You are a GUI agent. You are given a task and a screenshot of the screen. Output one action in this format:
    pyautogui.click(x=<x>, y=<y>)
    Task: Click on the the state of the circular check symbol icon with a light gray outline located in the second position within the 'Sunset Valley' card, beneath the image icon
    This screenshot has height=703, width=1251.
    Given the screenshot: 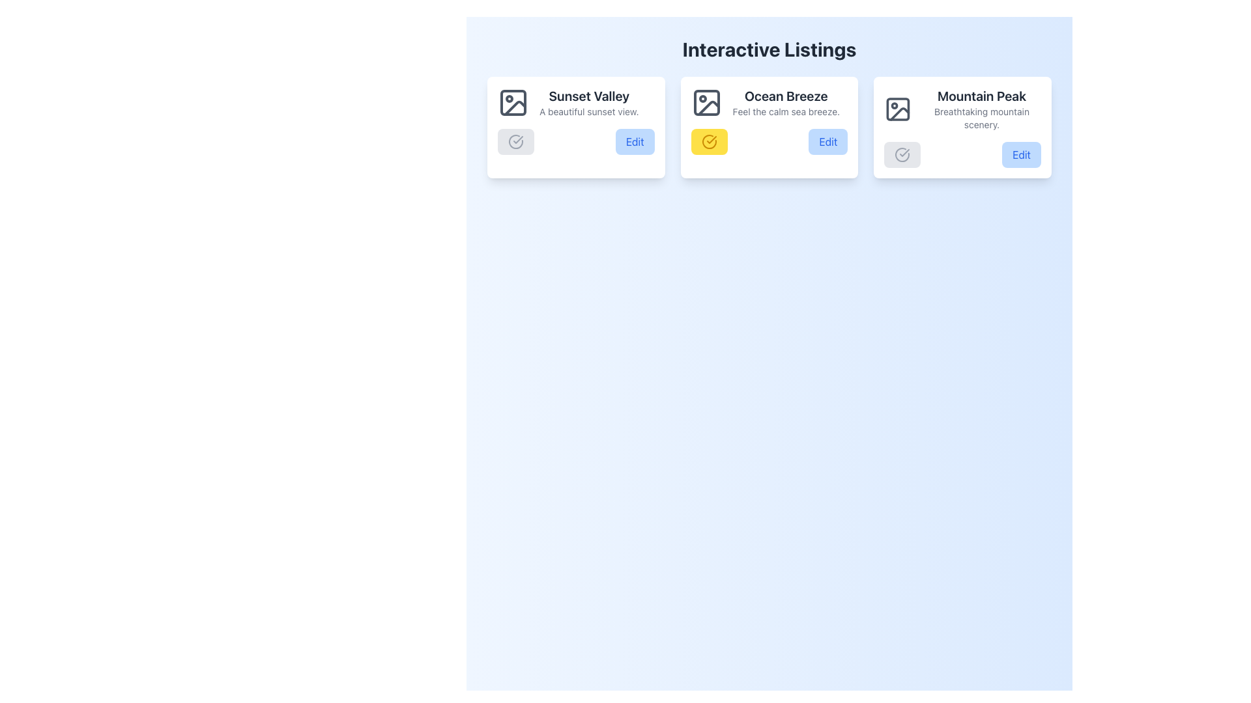 What is the action you would take?
    pyautogui.click(x=515, y=142)
    